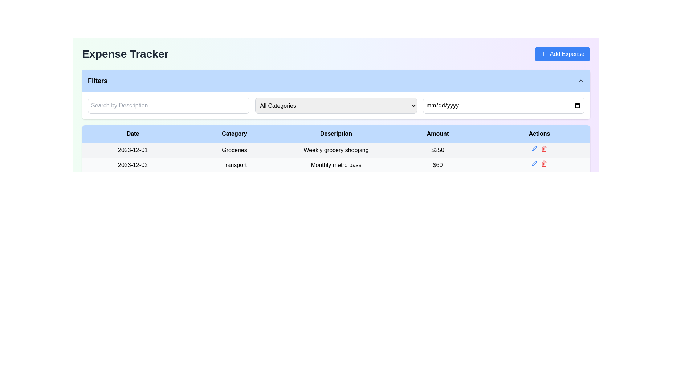 The height and width of the screenshot is (392, 697). What do you see at coordinates (543, 54) in the screenshot?
I see `the SVG graphic icon on the left side of the 'Add Expense' button` at bounding box center [543, 54].